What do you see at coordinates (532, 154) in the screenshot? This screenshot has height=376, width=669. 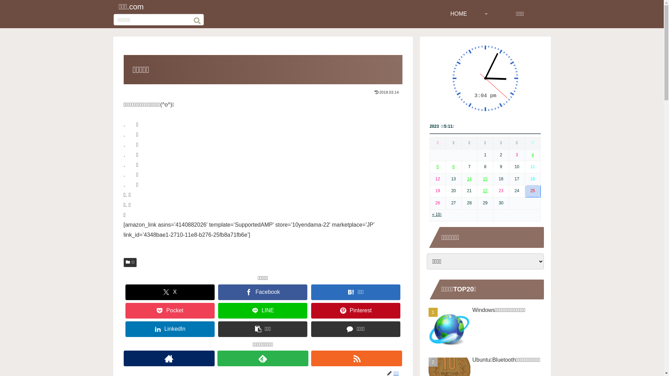 I see `'4'` at bounding box center [532, 154].